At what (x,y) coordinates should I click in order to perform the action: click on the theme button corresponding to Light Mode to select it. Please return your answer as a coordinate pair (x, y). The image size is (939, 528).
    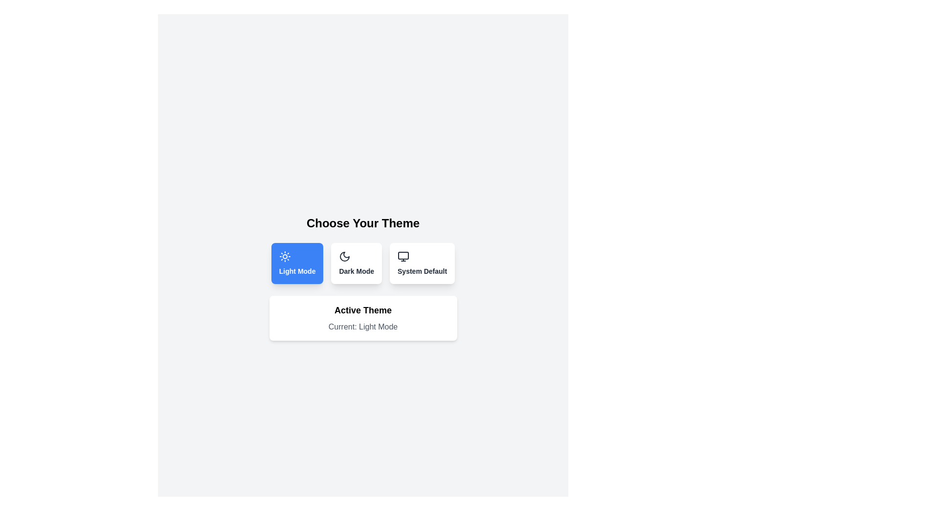
    Looking at the image, I should click on (297, 263).